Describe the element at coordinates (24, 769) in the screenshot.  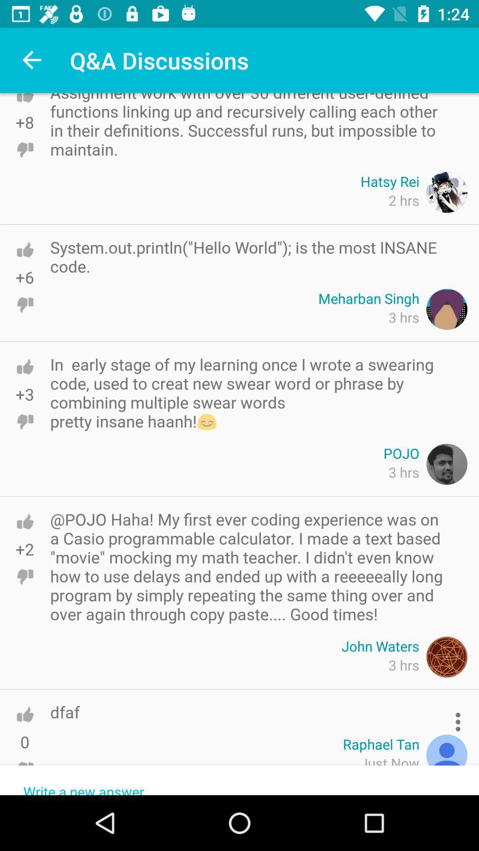
I see `downvote comment` at that location.